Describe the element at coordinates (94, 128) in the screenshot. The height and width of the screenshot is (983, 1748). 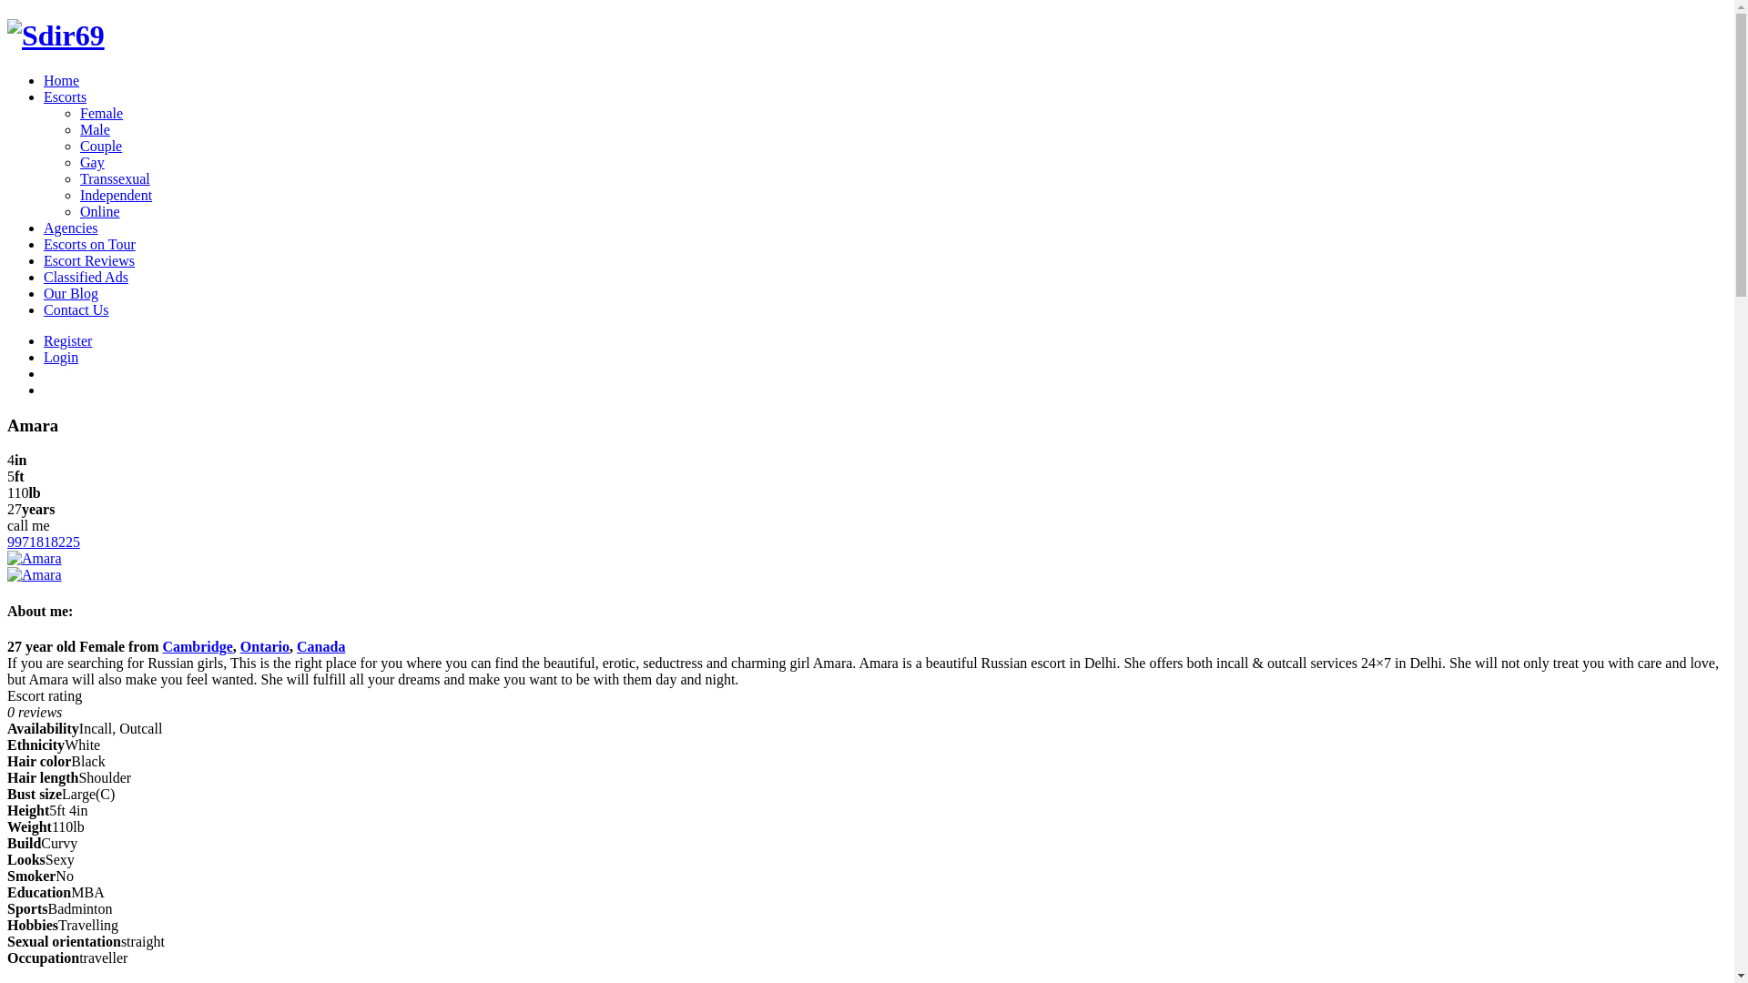
I see `'Male'` at that location.